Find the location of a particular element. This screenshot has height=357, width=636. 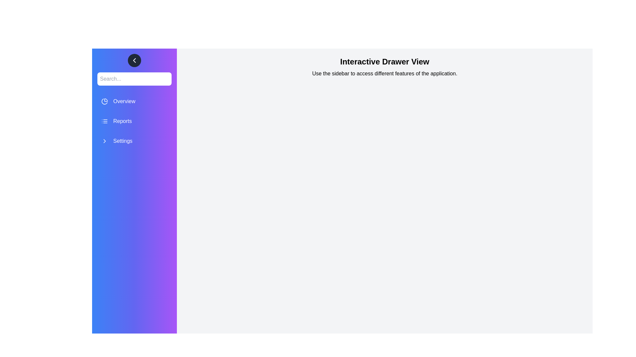

the menu item Reports to navigate to the respective section is located at coordinates (134, 121).